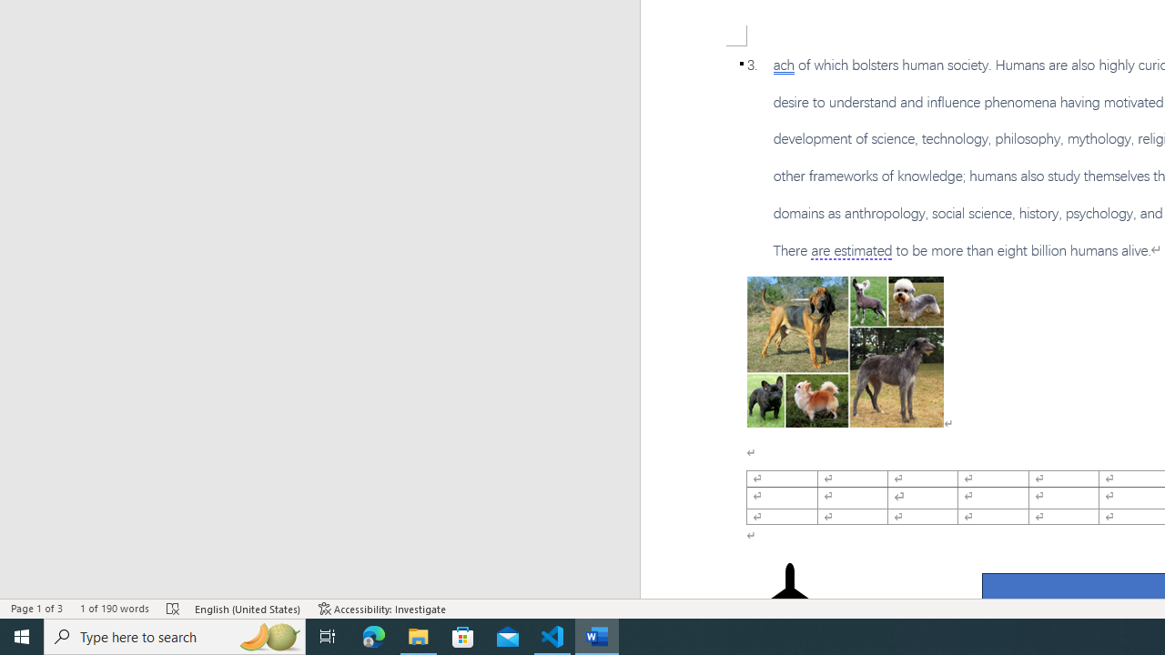  I want to click on 'Morphological variation in six dogs', so click(844, 352).